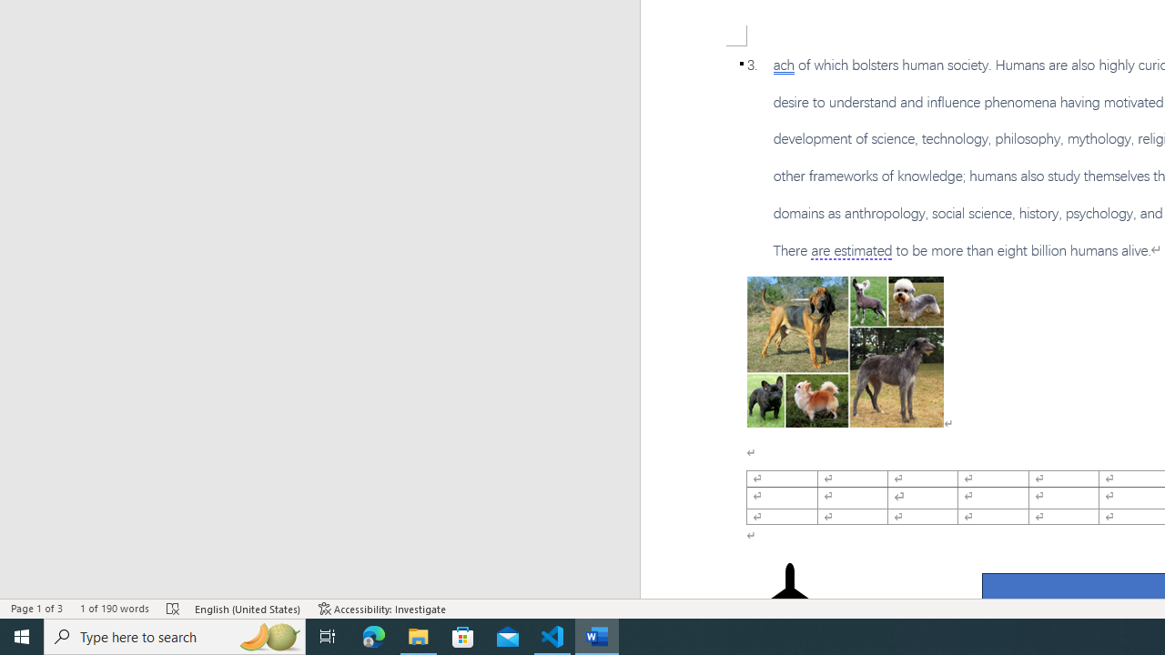  I want to click on 'Morphological variation in six dogs', so click(844, 352).